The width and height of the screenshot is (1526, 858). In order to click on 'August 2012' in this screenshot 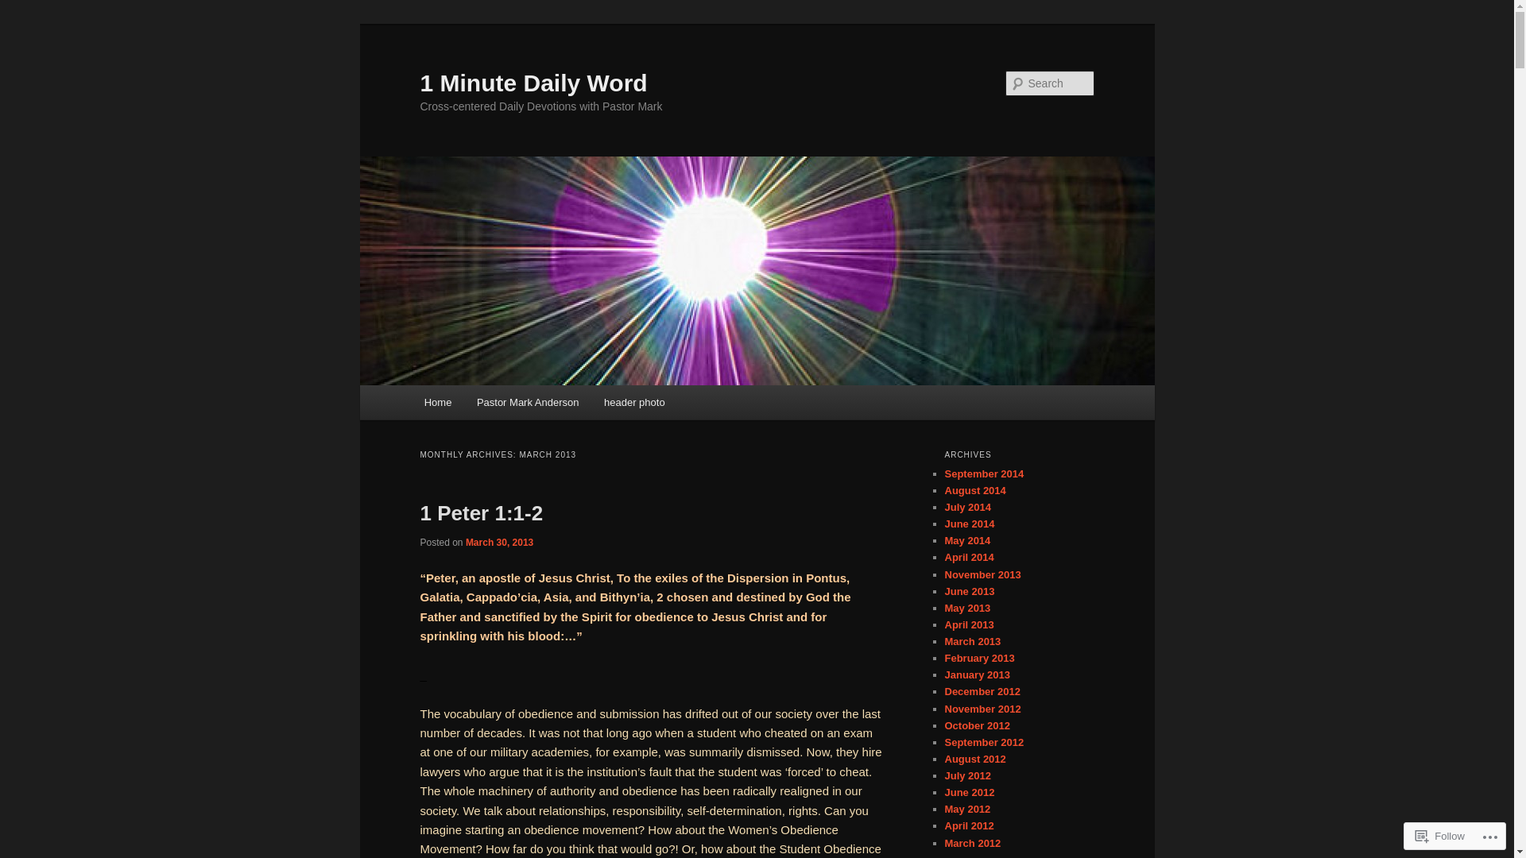, I will do `click(974, 758)`.